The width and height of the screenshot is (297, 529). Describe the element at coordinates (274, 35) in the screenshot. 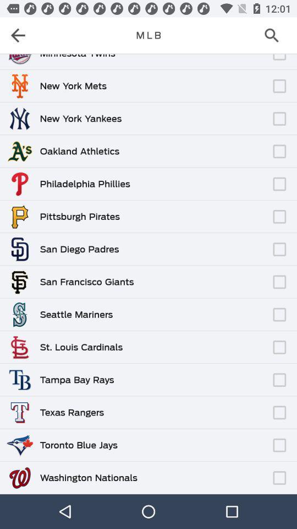

I see `open a search` at that location.